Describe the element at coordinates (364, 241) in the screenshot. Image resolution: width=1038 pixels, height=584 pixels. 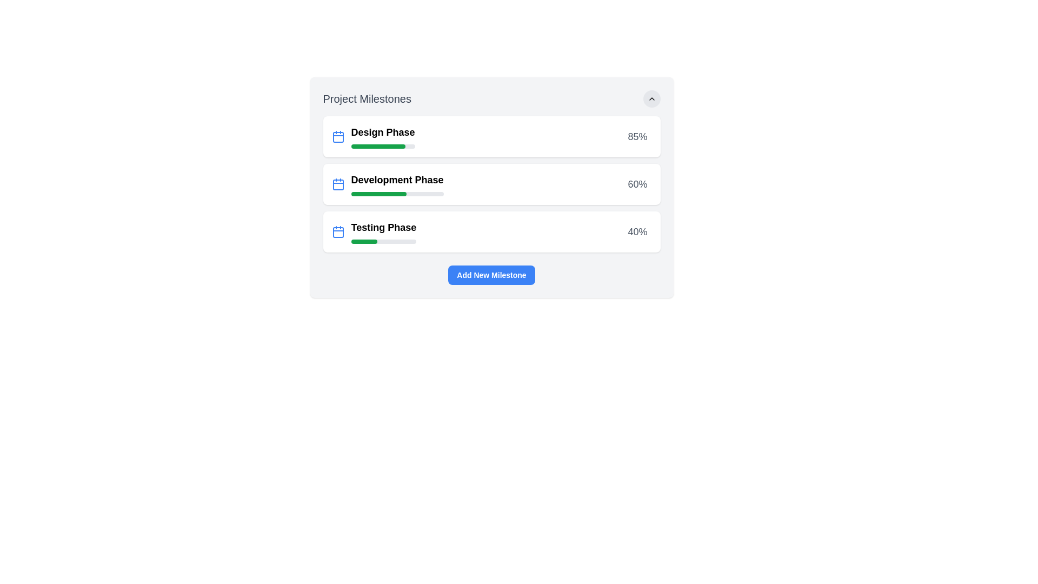
I see `the green progress bar indicating 40% completion for the 'Testing Phase' milestone to potentially display additional information` at that location.